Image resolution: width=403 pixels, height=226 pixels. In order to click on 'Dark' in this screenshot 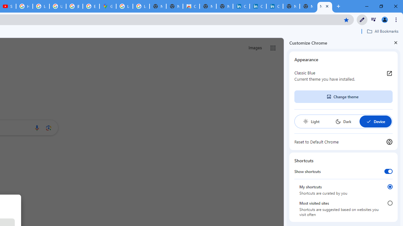, I will do `click(343, 121)`.